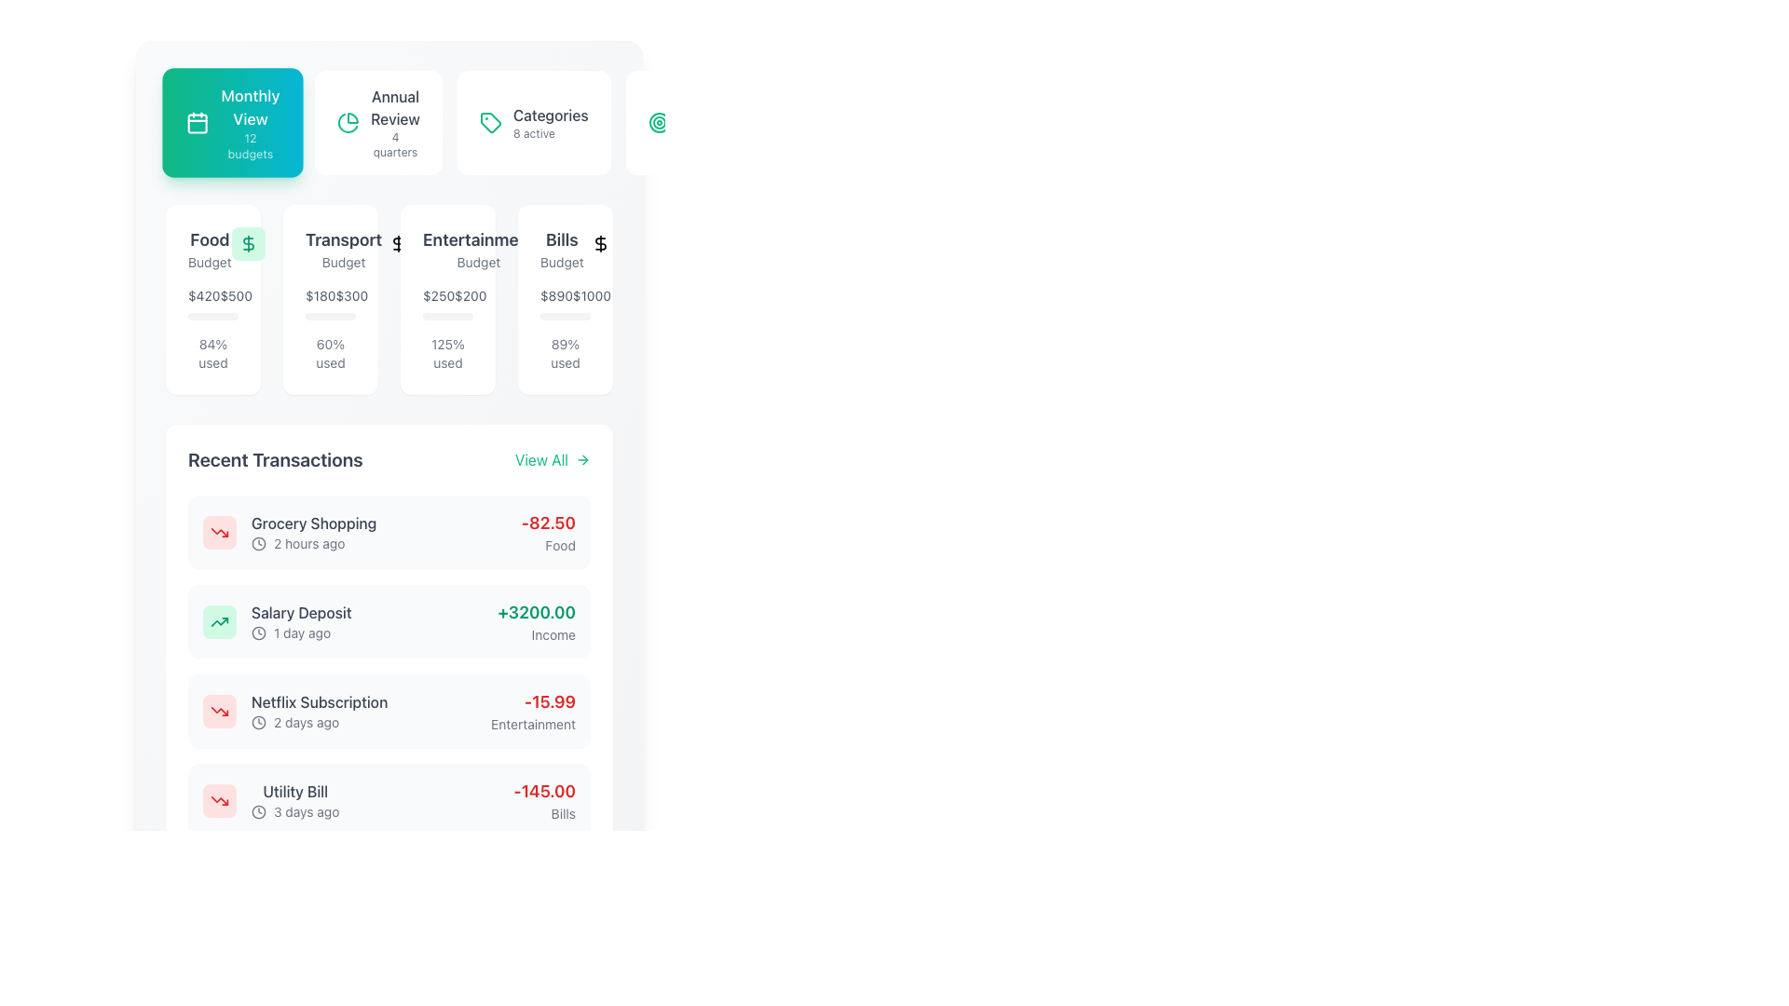 This screenshot has width=1789, height=1006. Describe the element at coordinates (388, 666) in the screenshot. I see `the recent transaction cards in the transaction list` at that location.